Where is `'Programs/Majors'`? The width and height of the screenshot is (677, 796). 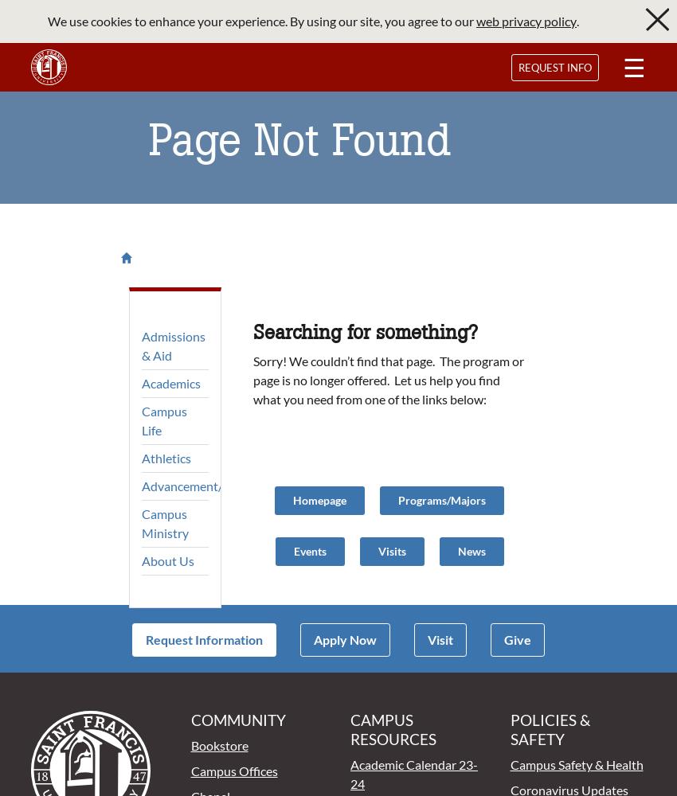 'Programs/Majors' is located at coordinates (441, 499).